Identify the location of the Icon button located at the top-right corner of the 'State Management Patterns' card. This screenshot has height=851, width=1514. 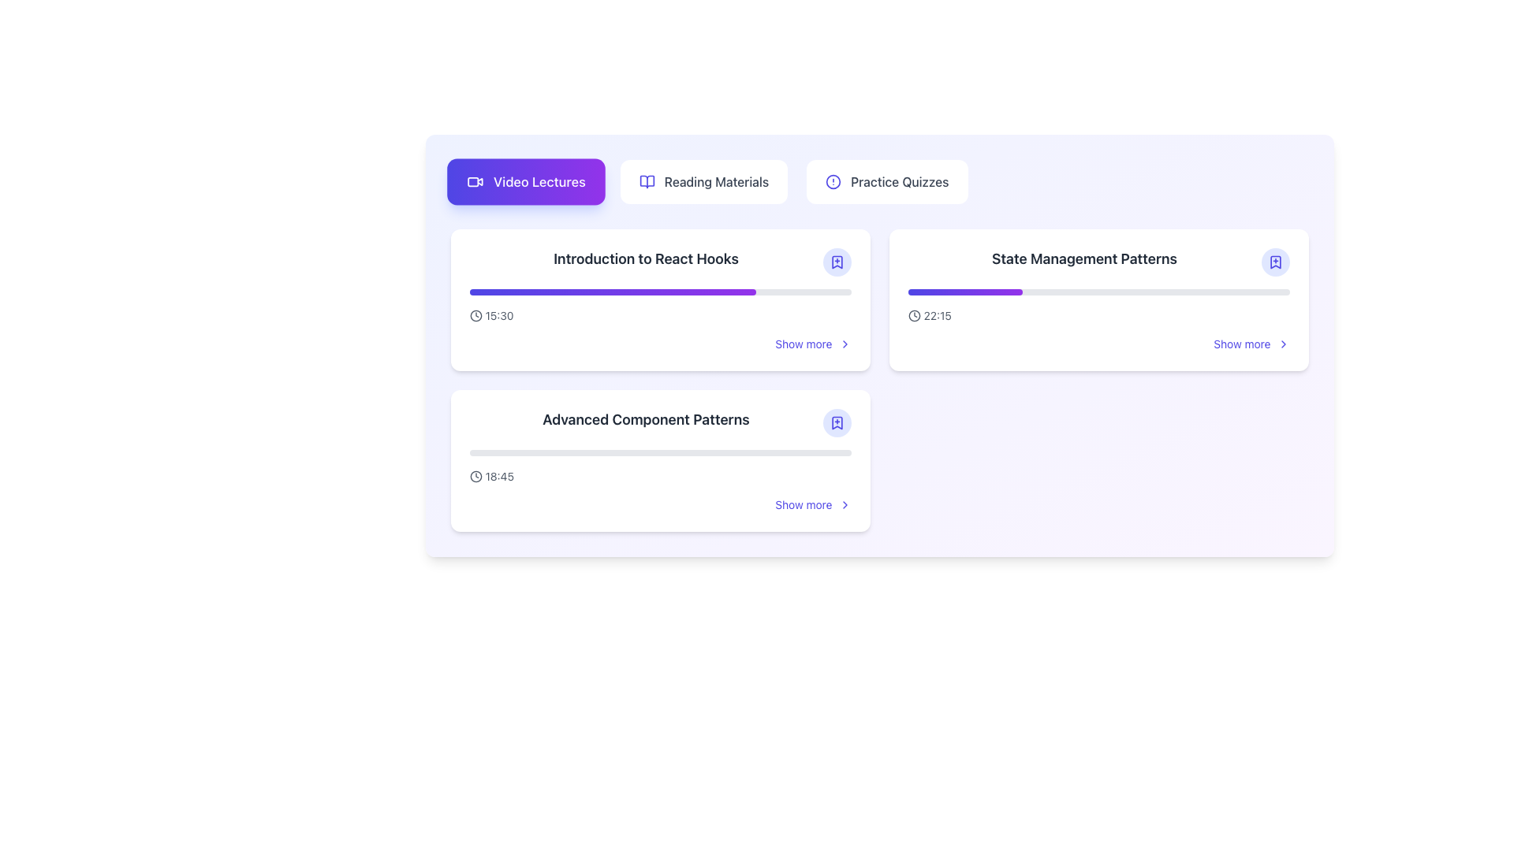
(1275, 261).